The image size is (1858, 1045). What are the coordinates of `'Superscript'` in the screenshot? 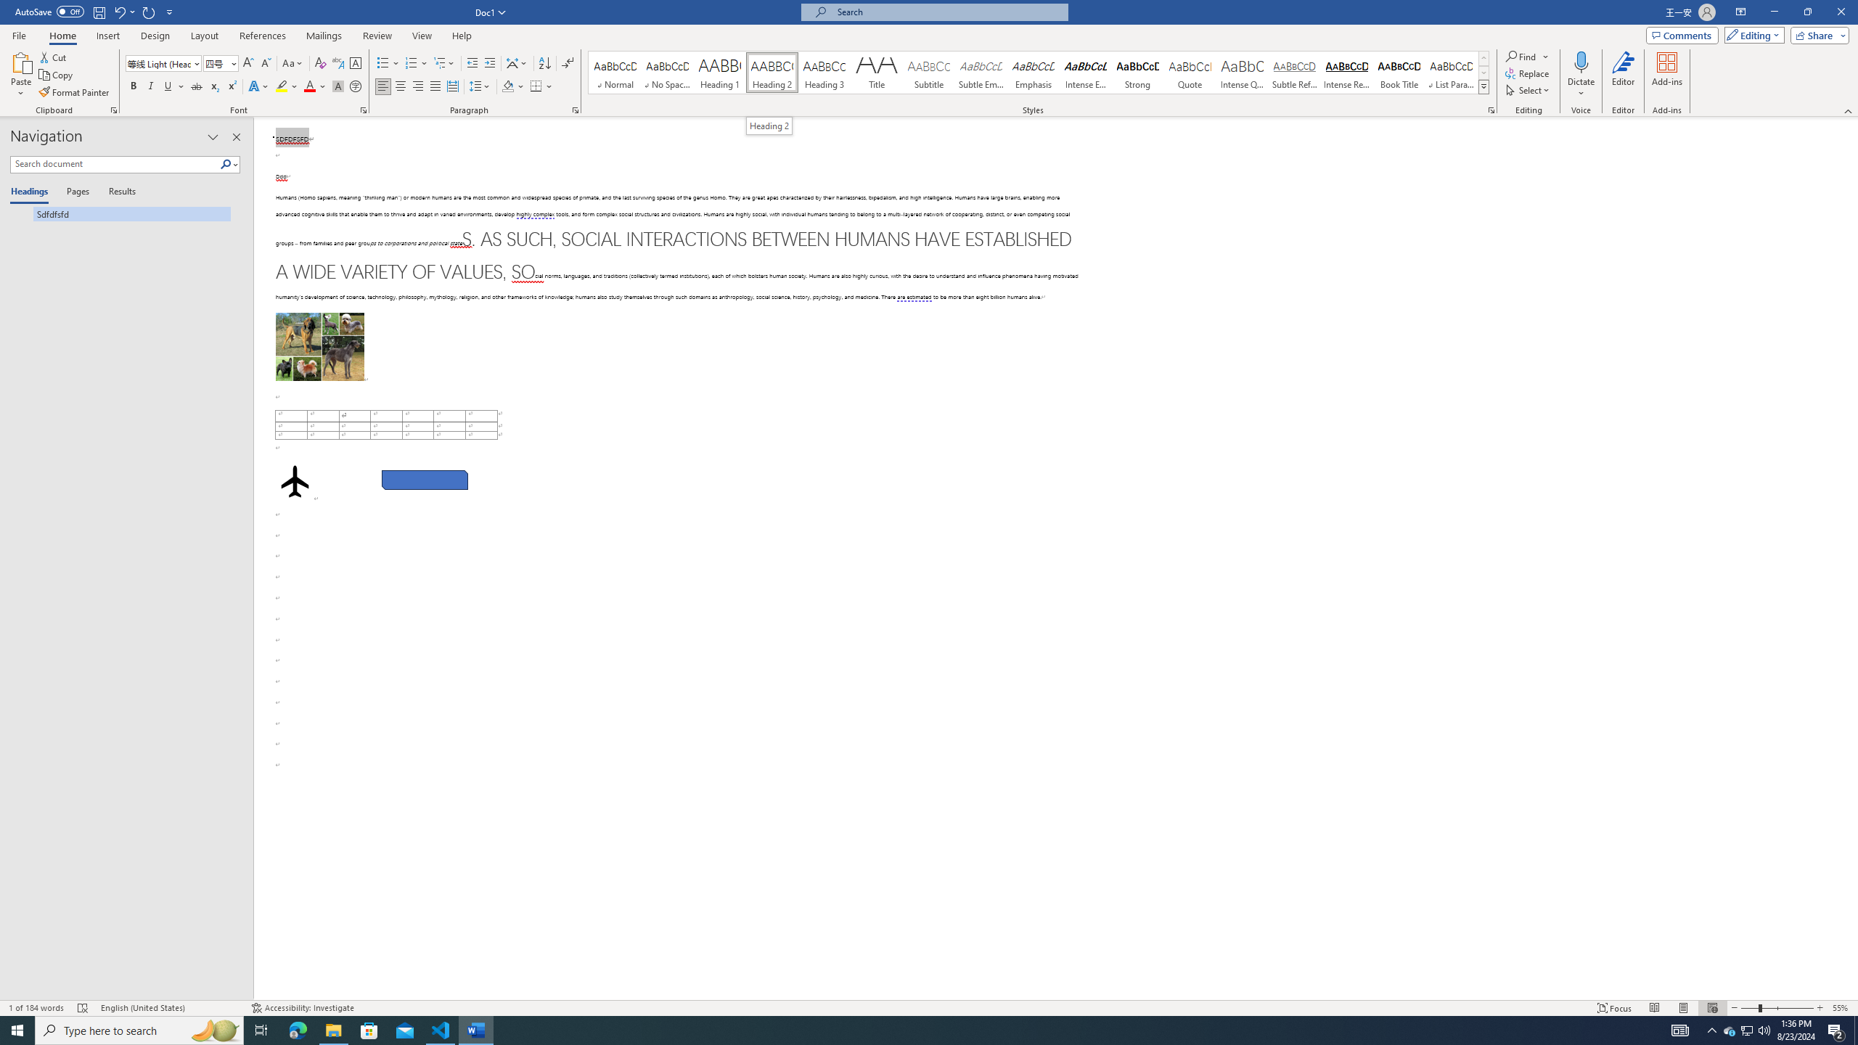 It's located at (230, 86).